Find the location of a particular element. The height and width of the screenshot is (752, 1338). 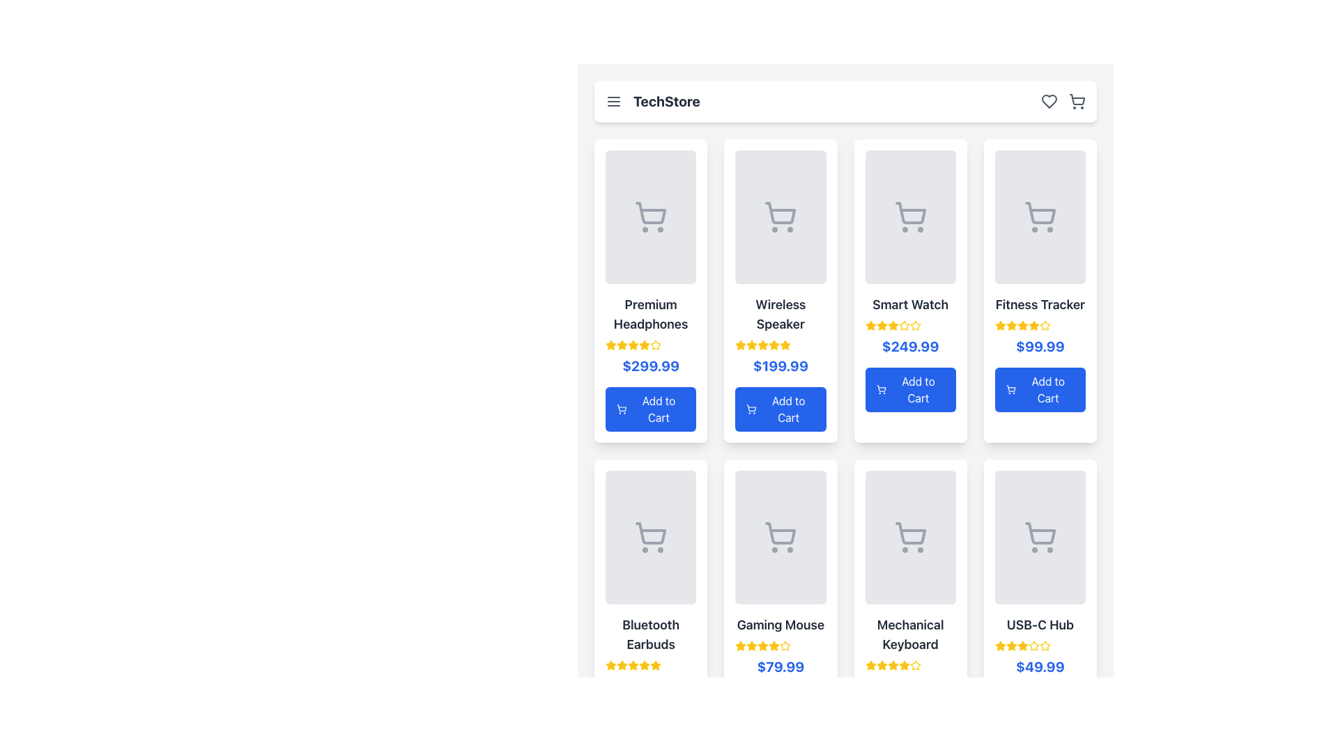

the fourth star icon in the second row and third column of the product layout grid, which represents part of the rating for the Gaming Mouse is located at coordinates (785, 645).